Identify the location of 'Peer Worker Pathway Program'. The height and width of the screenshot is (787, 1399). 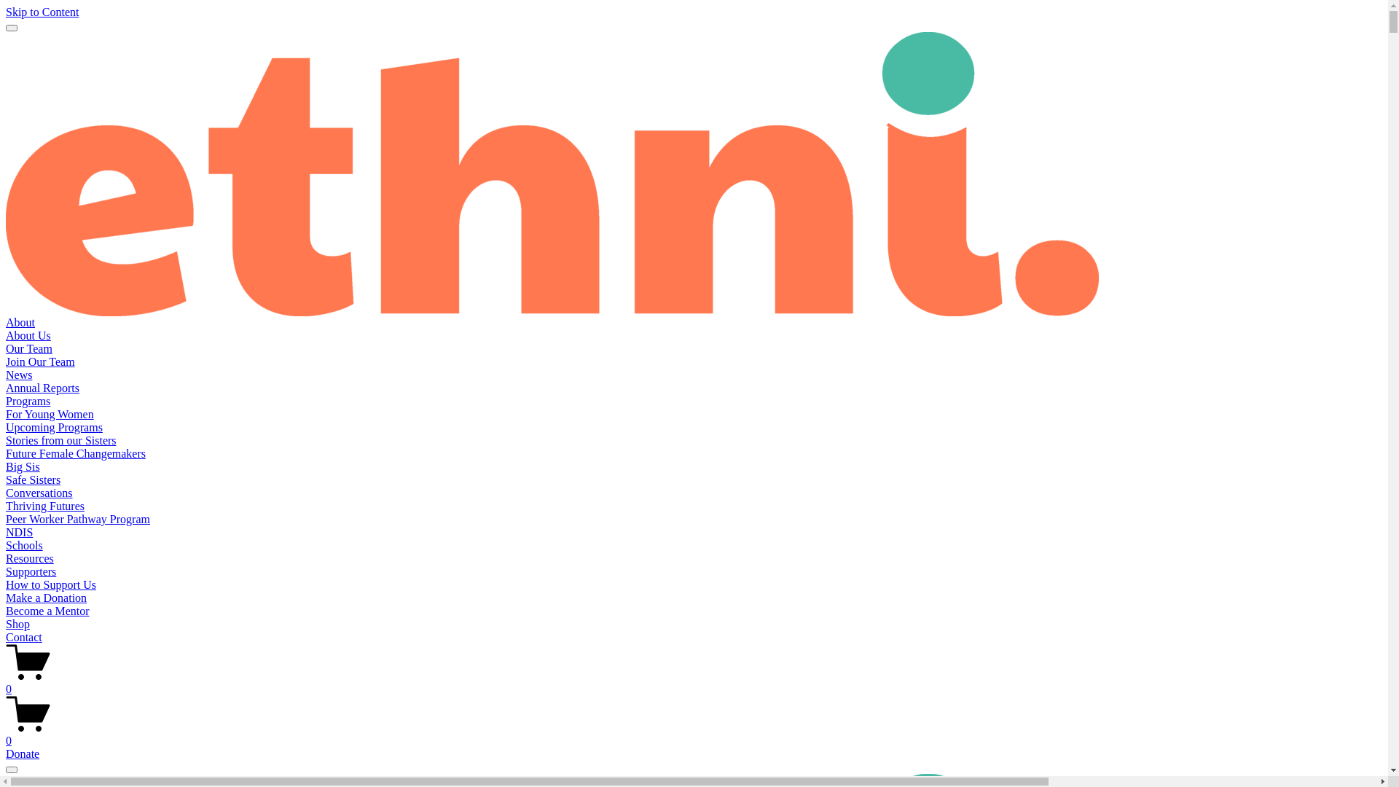
(6, 518).